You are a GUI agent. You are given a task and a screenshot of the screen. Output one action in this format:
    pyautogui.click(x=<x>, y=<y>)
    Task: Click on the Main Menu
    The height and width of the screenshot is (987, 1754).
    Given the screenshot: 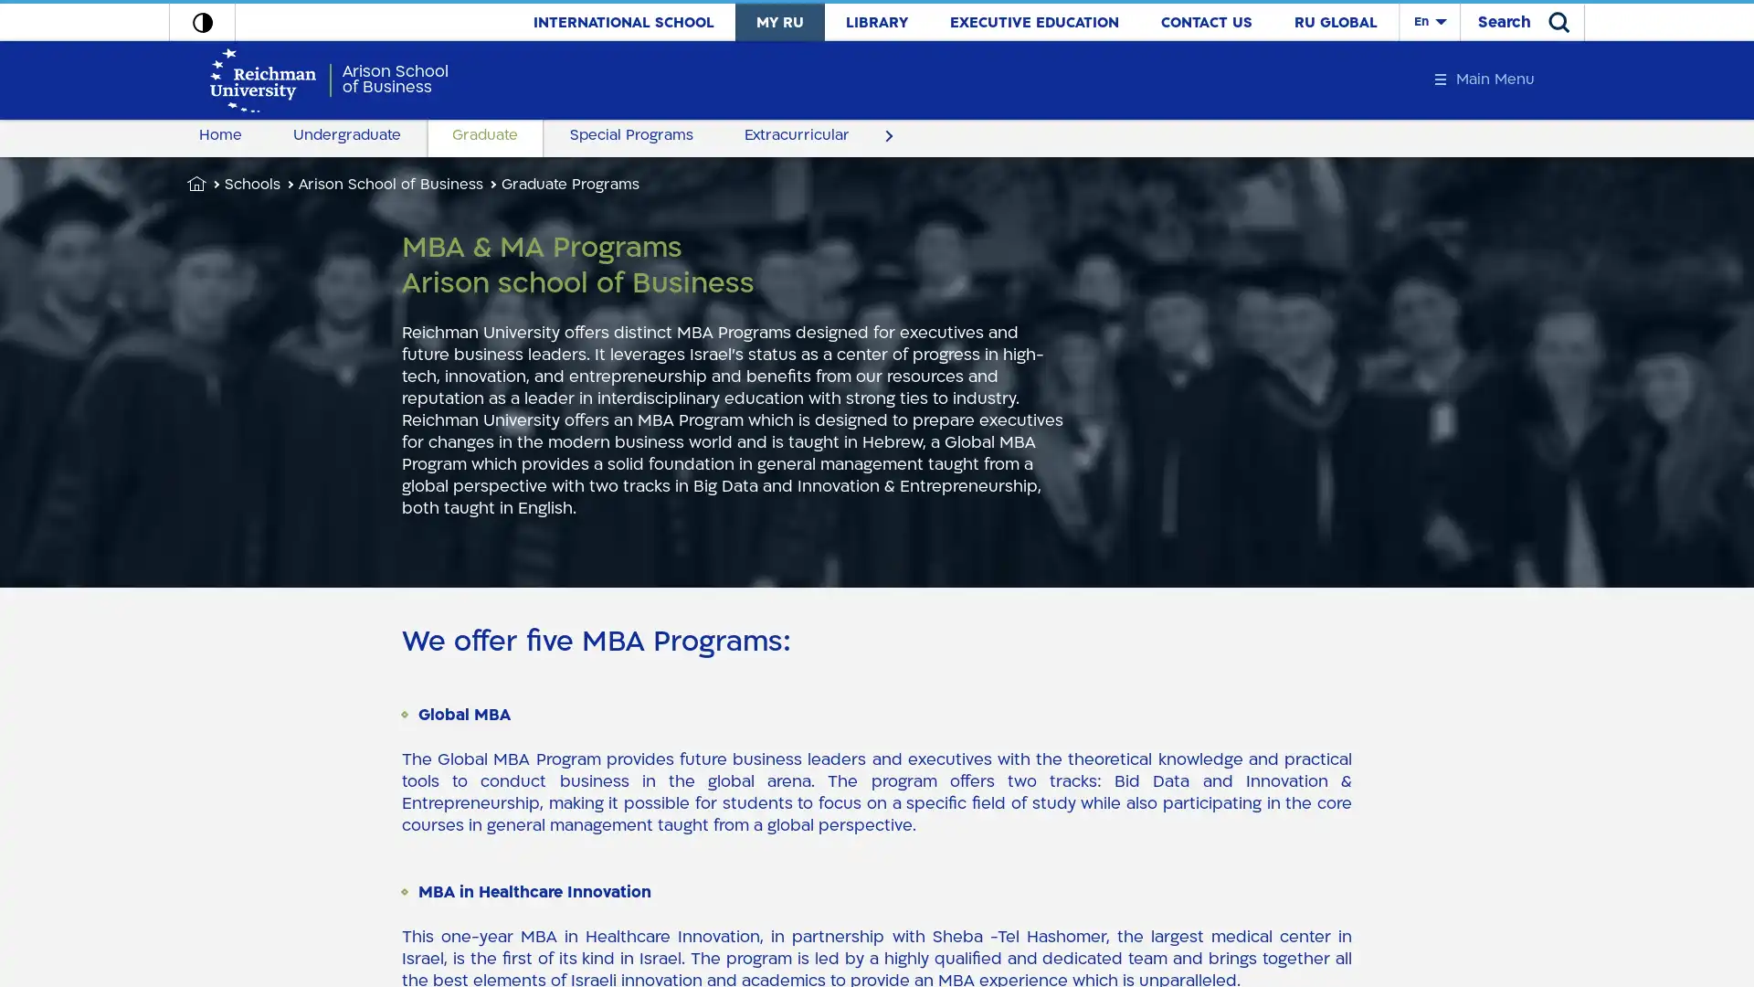 What is the action you would take?
    pyautogui.click(x=1485, y=80)
    